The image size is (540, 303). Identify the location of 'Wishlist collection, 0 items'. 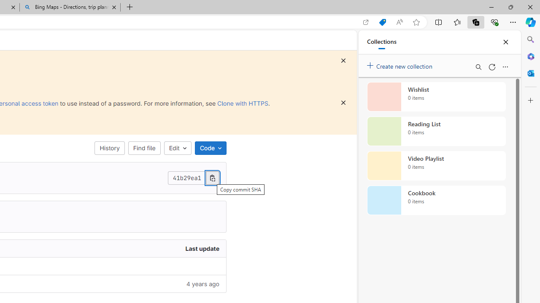
(436, 96).